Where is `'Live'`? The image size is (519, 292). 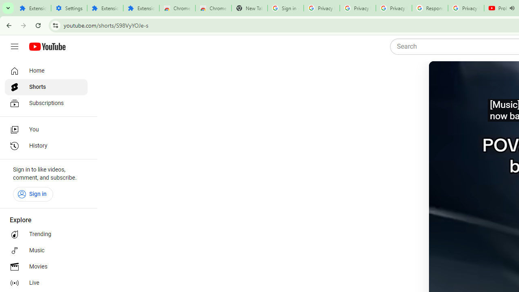
'Live' is located at coordinates (45, 283).